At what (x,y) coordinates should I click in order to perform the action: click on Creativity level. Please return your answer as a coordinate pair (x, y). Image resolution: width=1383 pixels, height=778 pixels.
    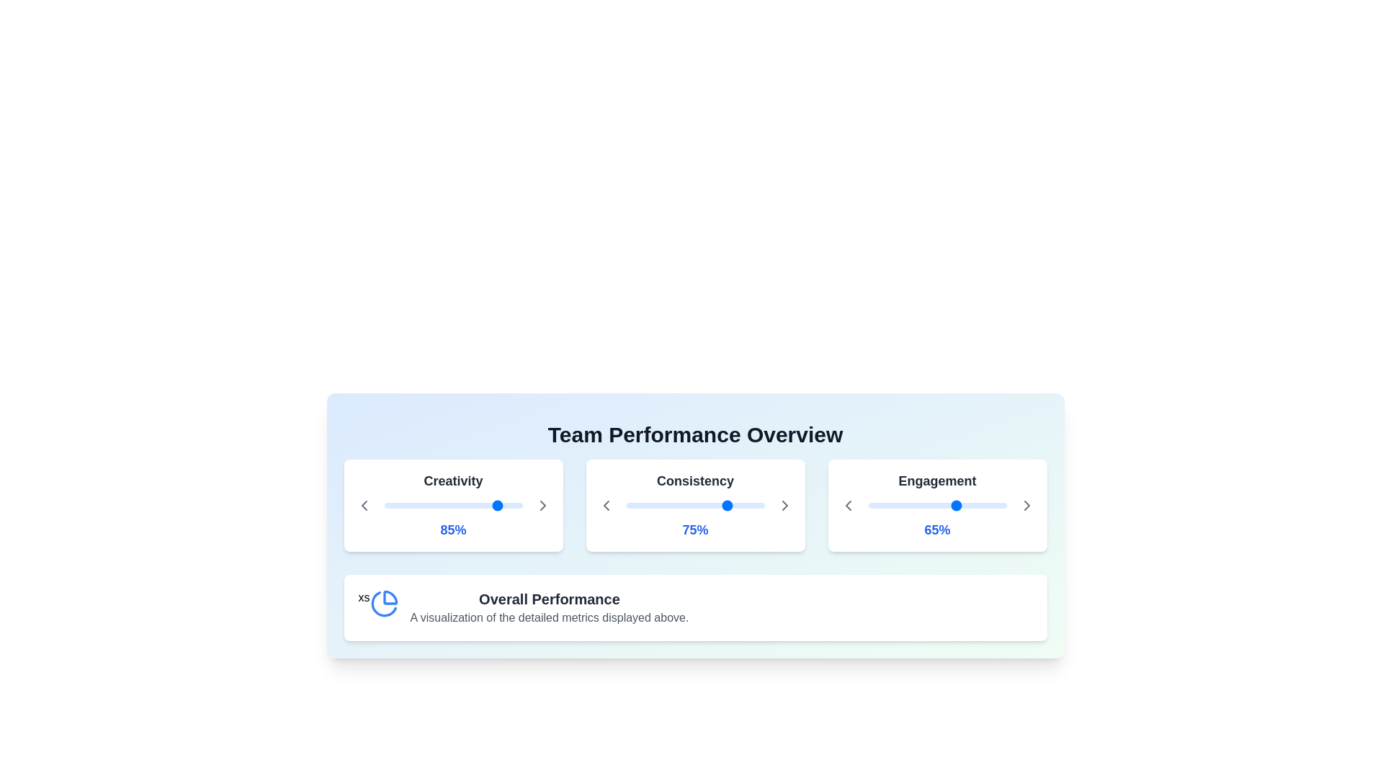
    Looking at the image, I should click on (422, 505).